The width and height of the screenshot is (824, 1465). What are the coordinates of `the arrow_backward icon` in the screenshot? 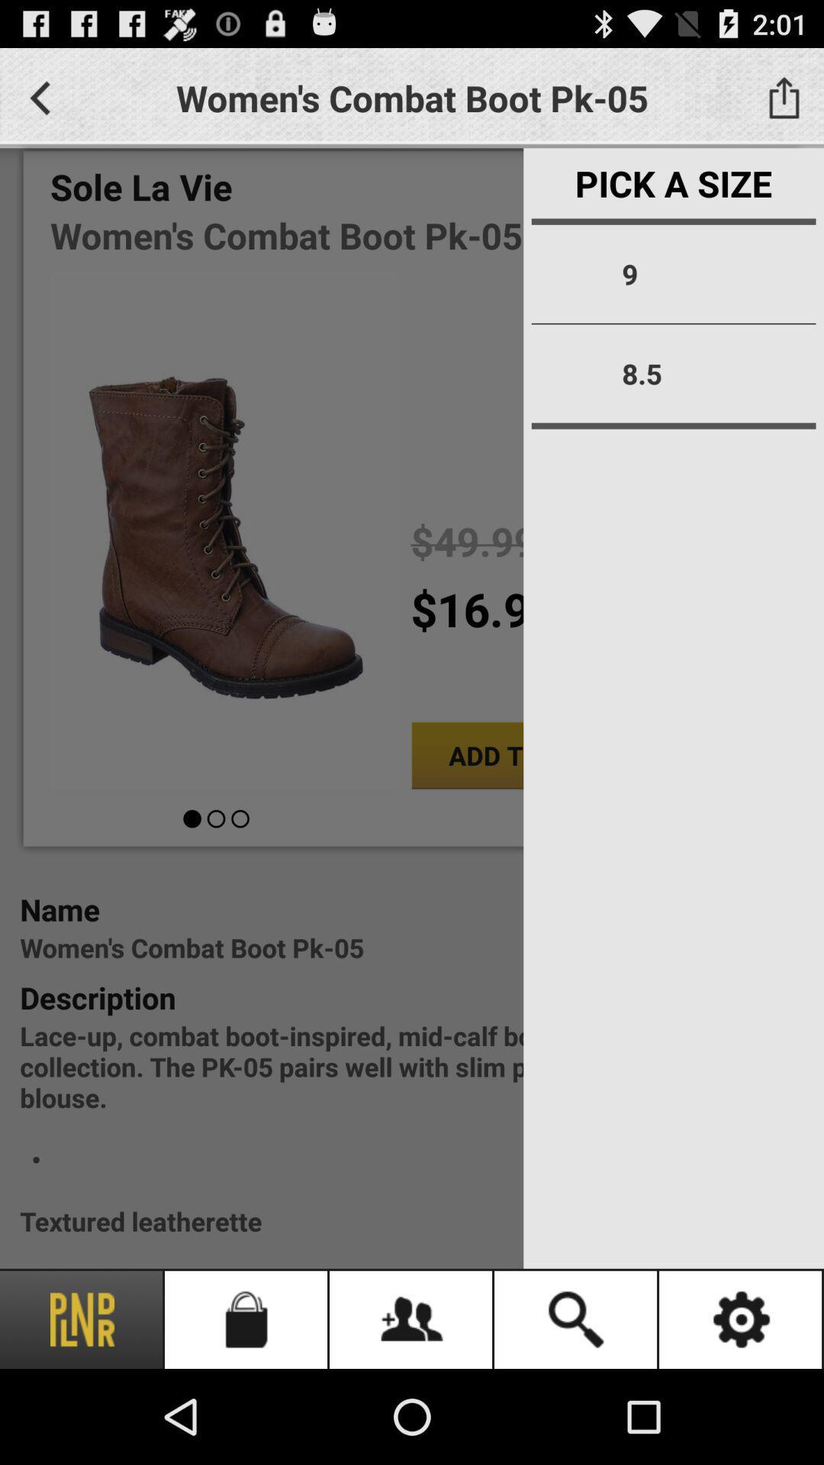 It's located at (39, 104).